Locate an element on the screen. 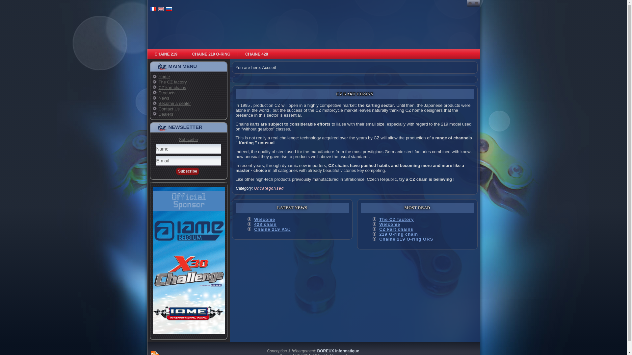 The image size is (632, 355). 'CHAINE 219 O-RING' is located at coordinates (211, 54).